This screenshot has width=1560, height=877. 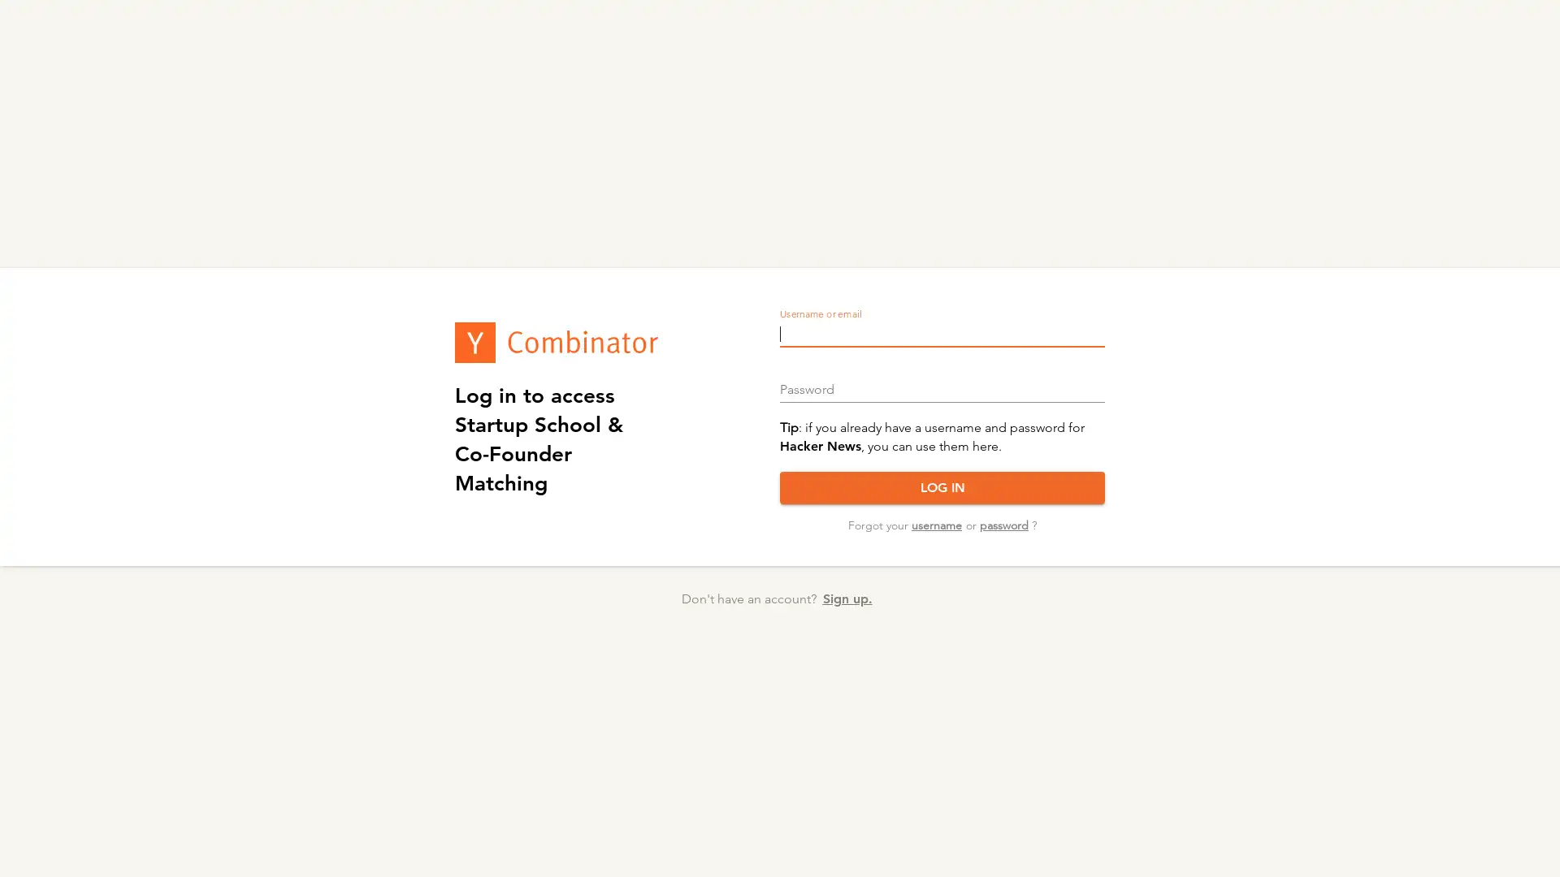 What do you see at coordinates (846, 598) in the screenshot?
I see `Sign up.` at bounding box center [846, 598].